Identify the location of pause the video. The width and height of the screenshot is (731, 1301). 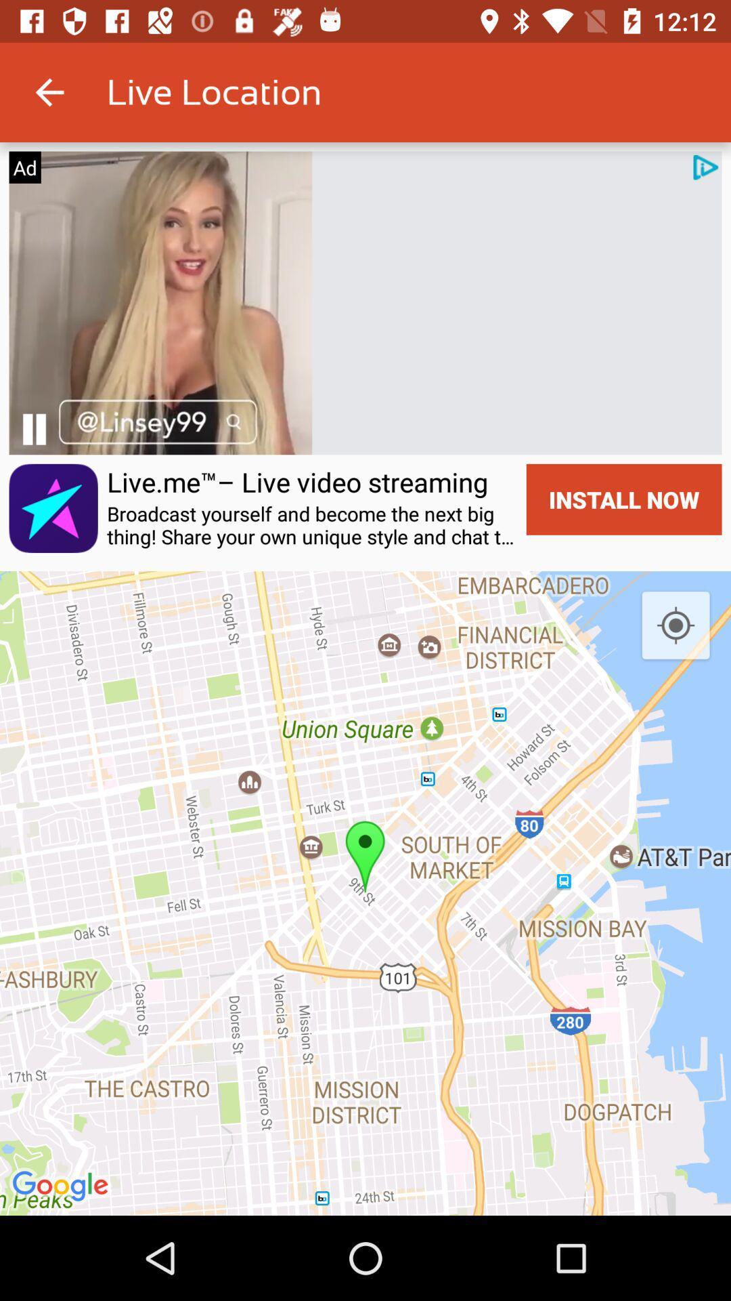
(33, 428).